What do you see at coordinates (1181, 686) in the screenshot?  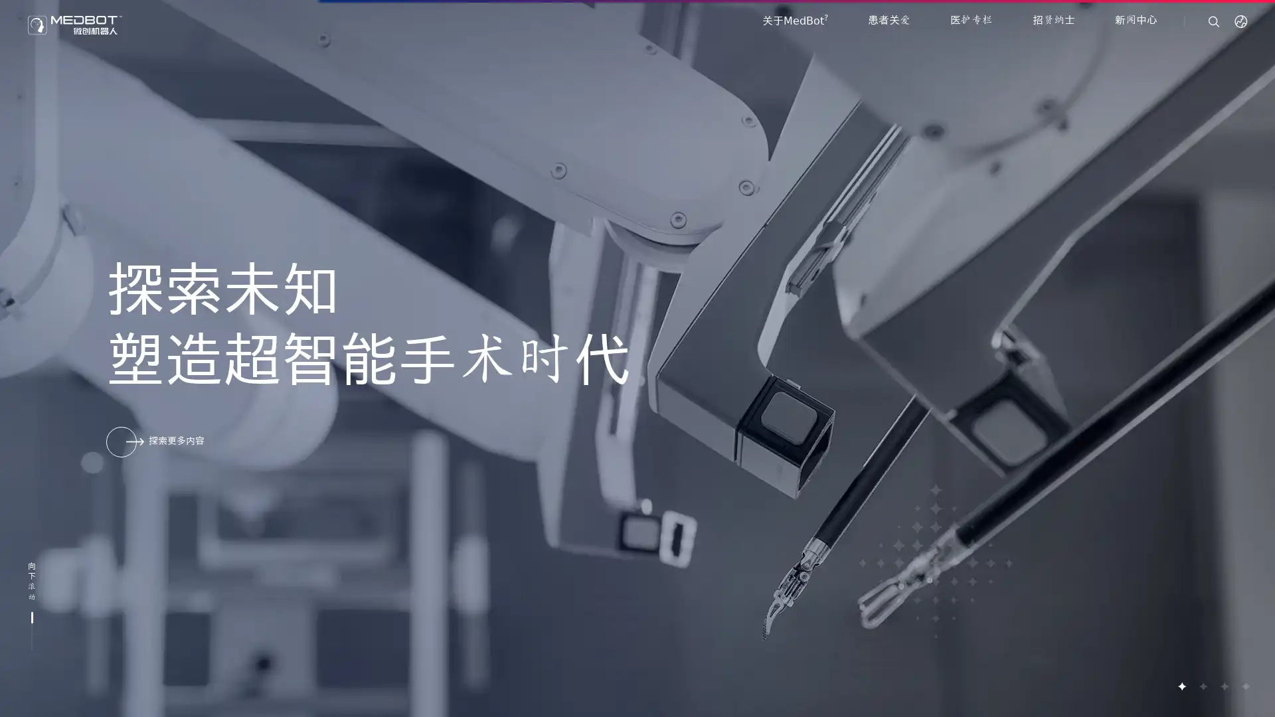 I see `Go to slide 1` at bounding box center [1181, 686].